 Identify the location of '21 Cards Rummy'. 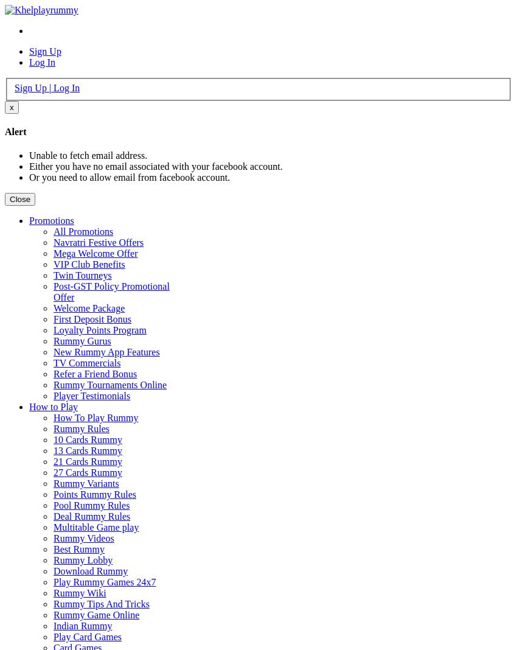
(87, 461).